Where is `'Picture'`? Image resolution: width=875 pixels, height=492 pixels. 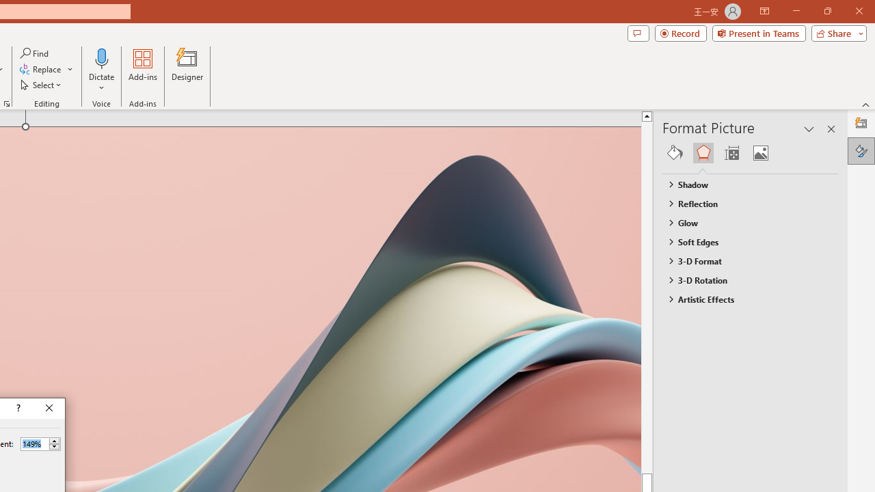
'Picture' is located at coordinates (759, 152).